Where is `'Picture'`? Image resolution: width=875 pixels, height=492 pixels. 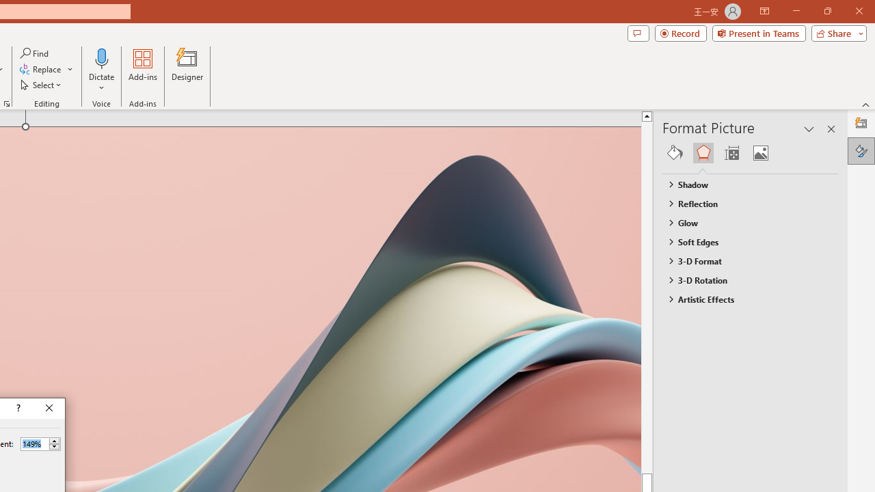
'Picture' is located at coordinates (759, 152).